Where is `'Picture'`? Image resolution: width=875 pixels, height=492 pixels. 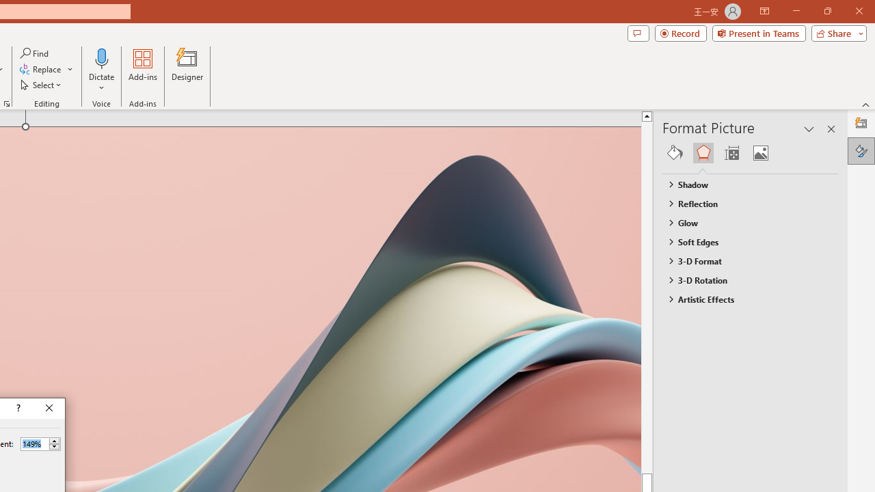
'Picture' is located at coordinates (759, 152).